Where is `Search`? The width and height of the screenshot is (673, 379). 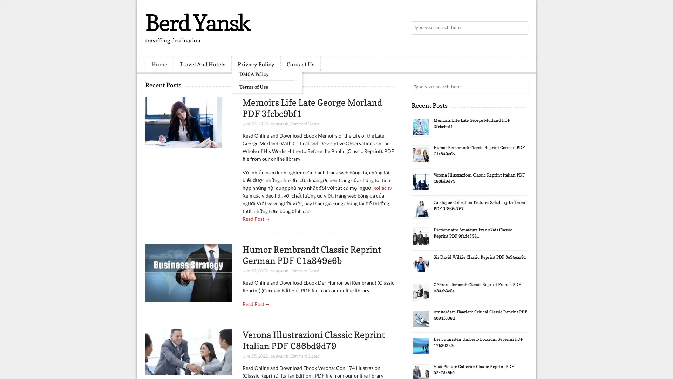
Search is located at coordinates (521, 87).